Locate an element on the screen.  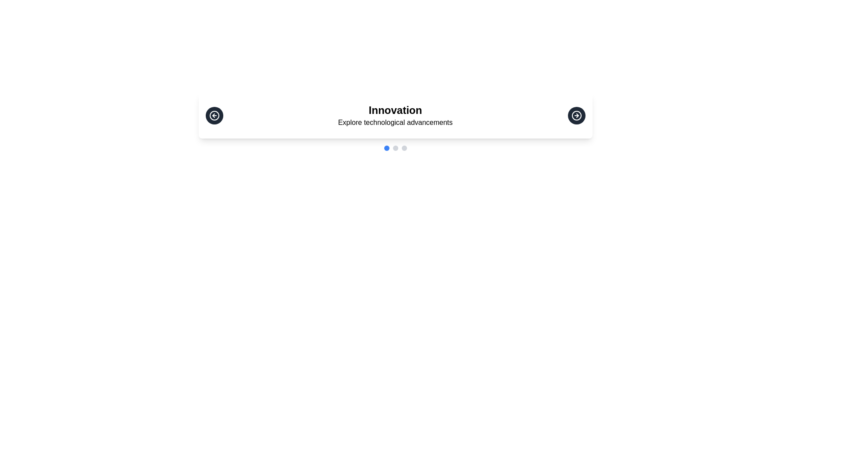
the decorative SVG Circle that is part of the icon located to the right of the card in the UI, adjacent to the header containing the text 'Innovation' is located at coordinates (576, 115).